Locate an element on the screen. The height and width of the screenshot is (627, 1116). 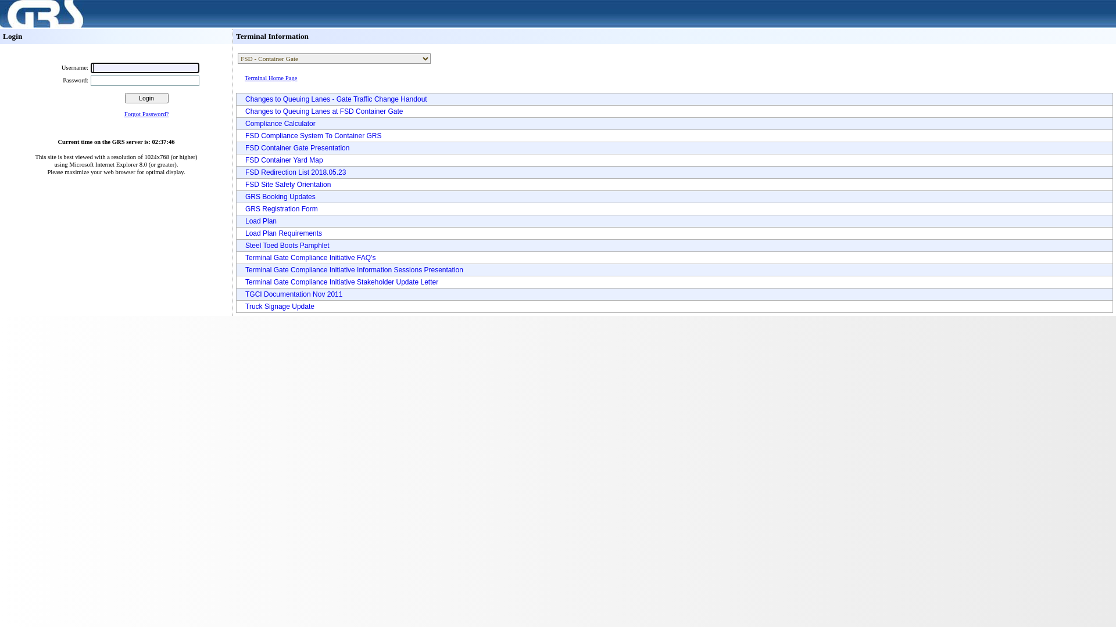
'Load Plan Requirements' is located at coordinates (239, 233).